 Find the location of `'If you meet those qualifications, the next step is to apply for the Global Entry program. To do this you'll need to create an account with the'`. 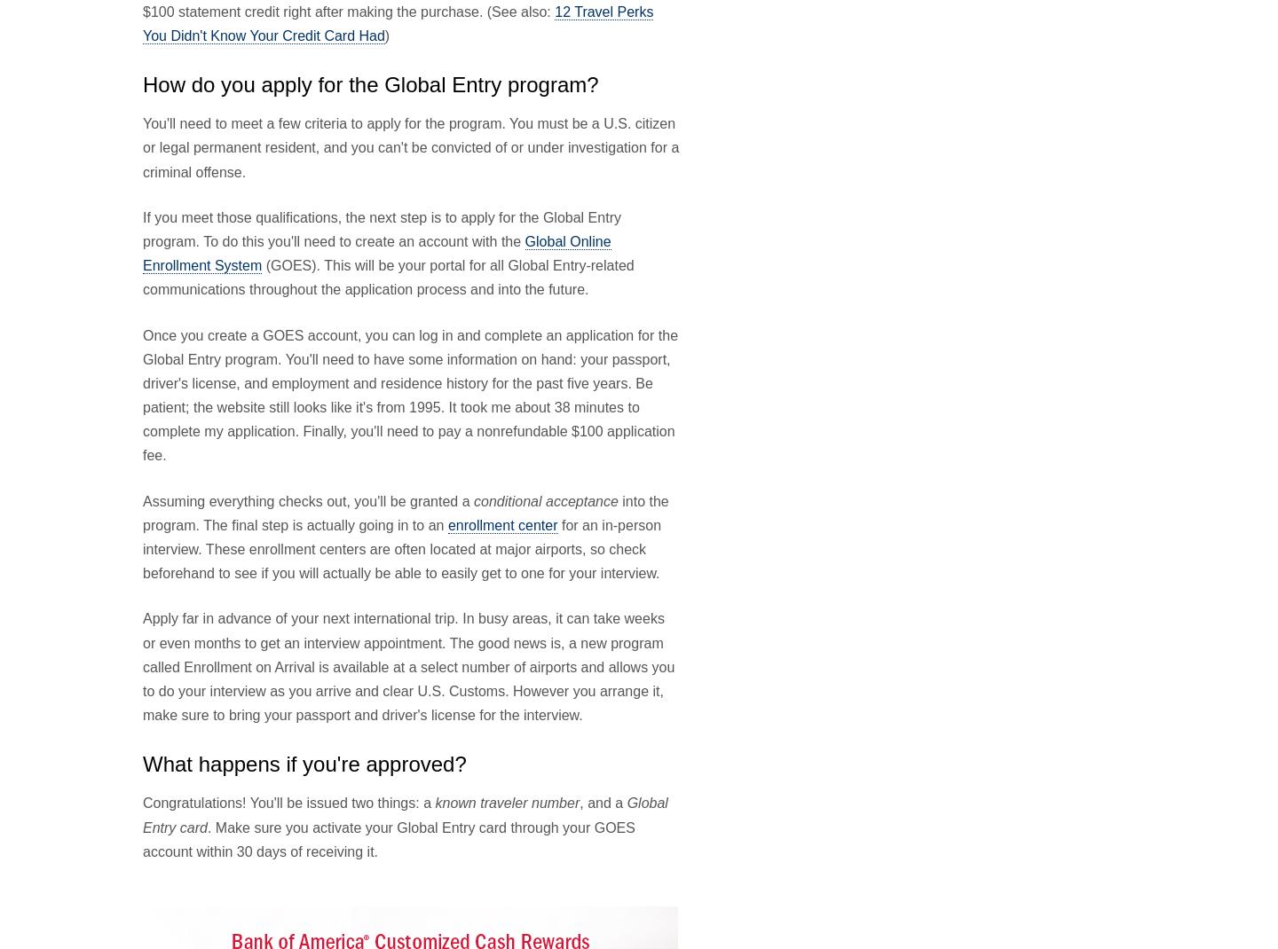

'If you meet those qualifications, the next step is to apply for the Global Entry program. To do this you'll need to create an account with the' is located at coordinates (381, 227).